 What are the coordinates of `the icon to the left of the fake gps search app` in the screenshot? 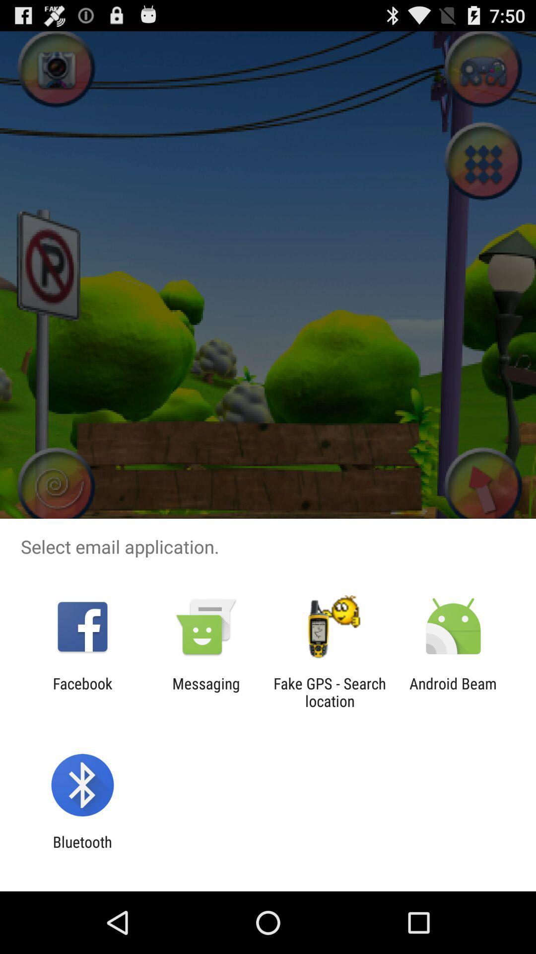 It's located at (205, 692).